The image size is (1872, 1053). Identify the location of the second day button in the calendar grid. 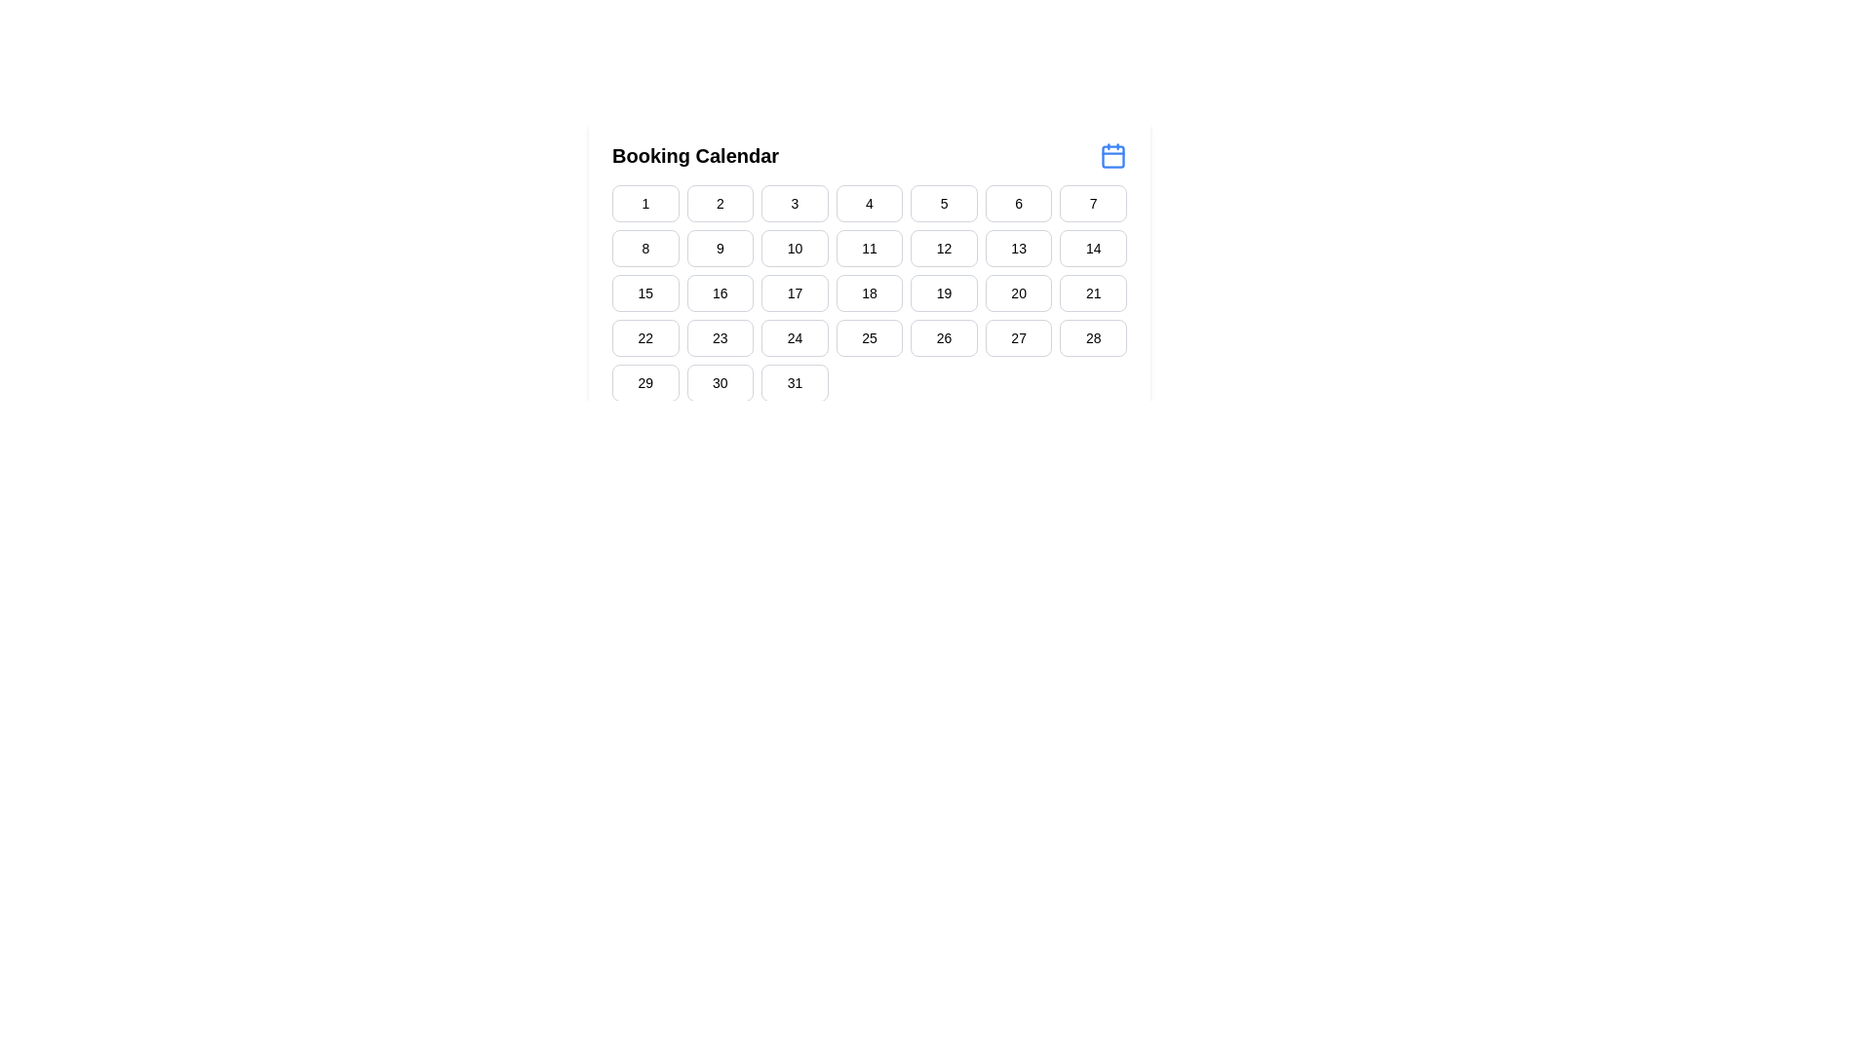
(719, 203).